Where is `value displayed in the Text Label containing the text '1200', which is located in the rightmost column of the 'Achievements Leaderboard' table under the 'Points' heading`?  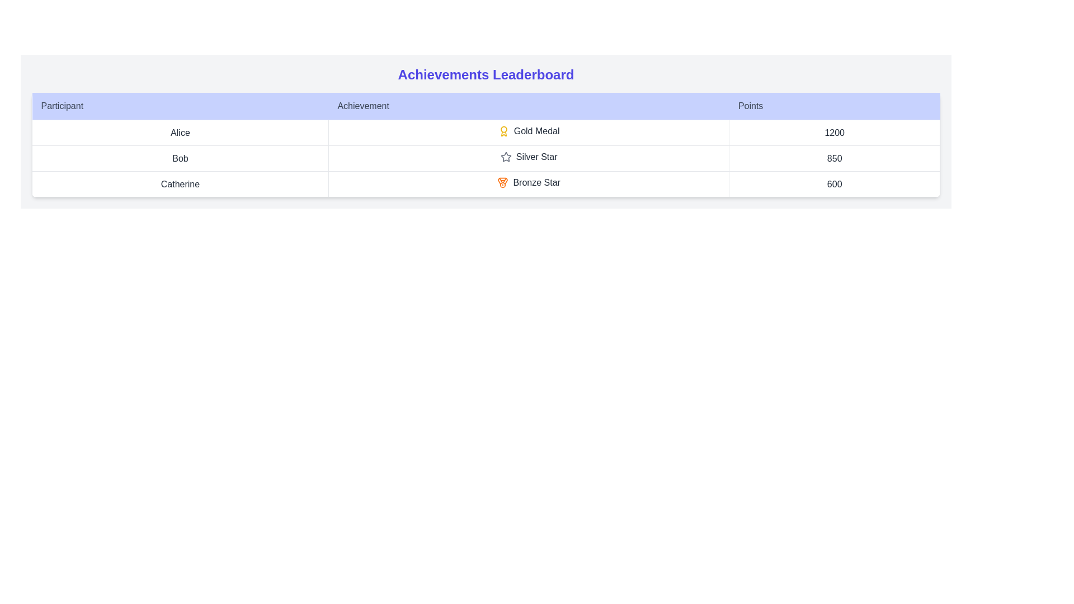 value displayed in the Text Label containing the text '1200', which is located in the rightmost column of the 'Achievements Leaderboard' table under the 'Points' heading is located at coordinates (835, 132).